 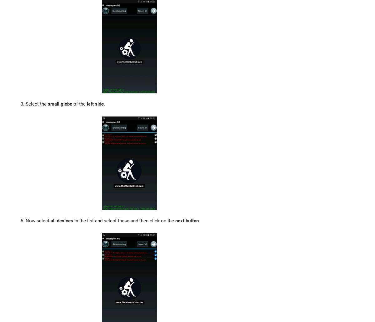 What do you see at coordinates (99, 104) in the screenshot?
I see `'side'` at bounding box center [99, 104].